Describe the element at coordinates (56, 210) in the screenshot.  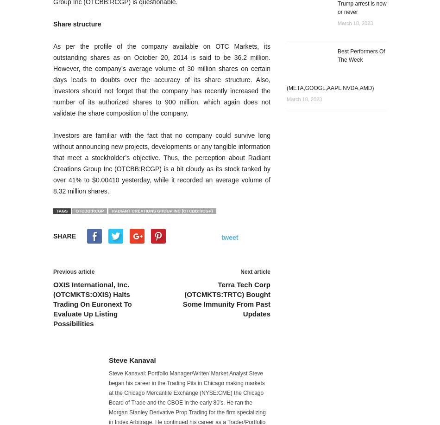
I see `'TAGS'` at that location.